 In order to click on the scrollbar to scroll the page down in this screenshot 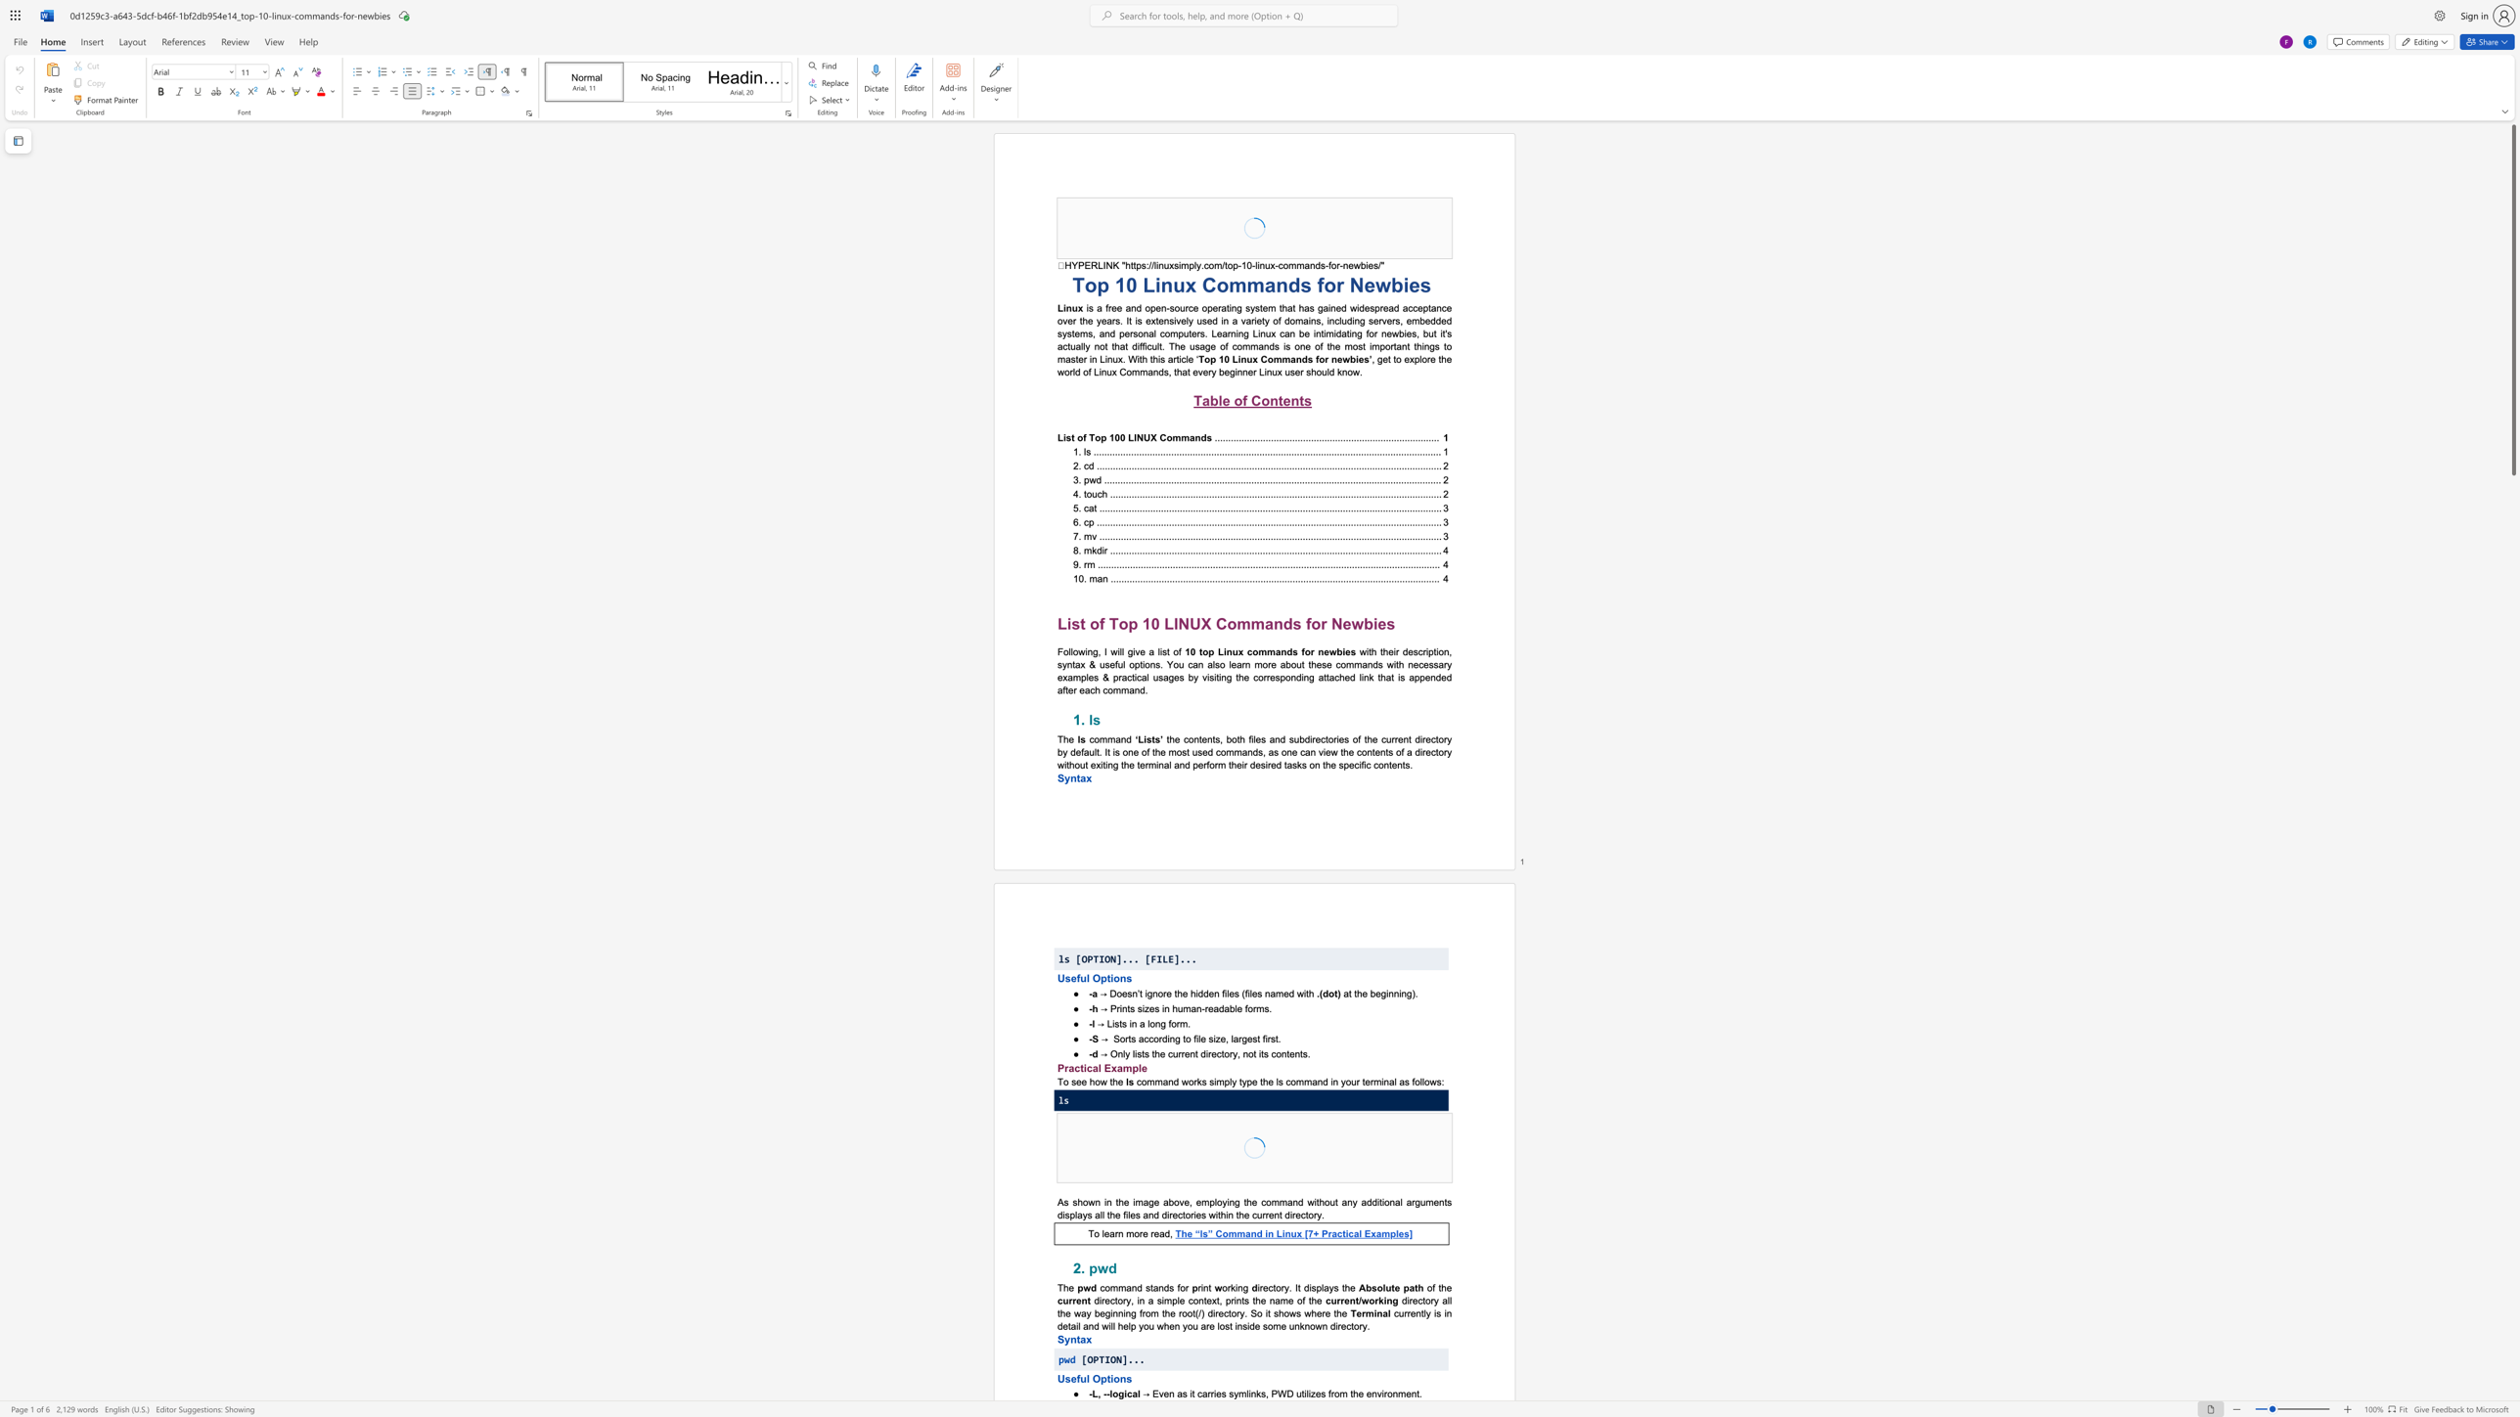, I will do `click(2512, 964)`.